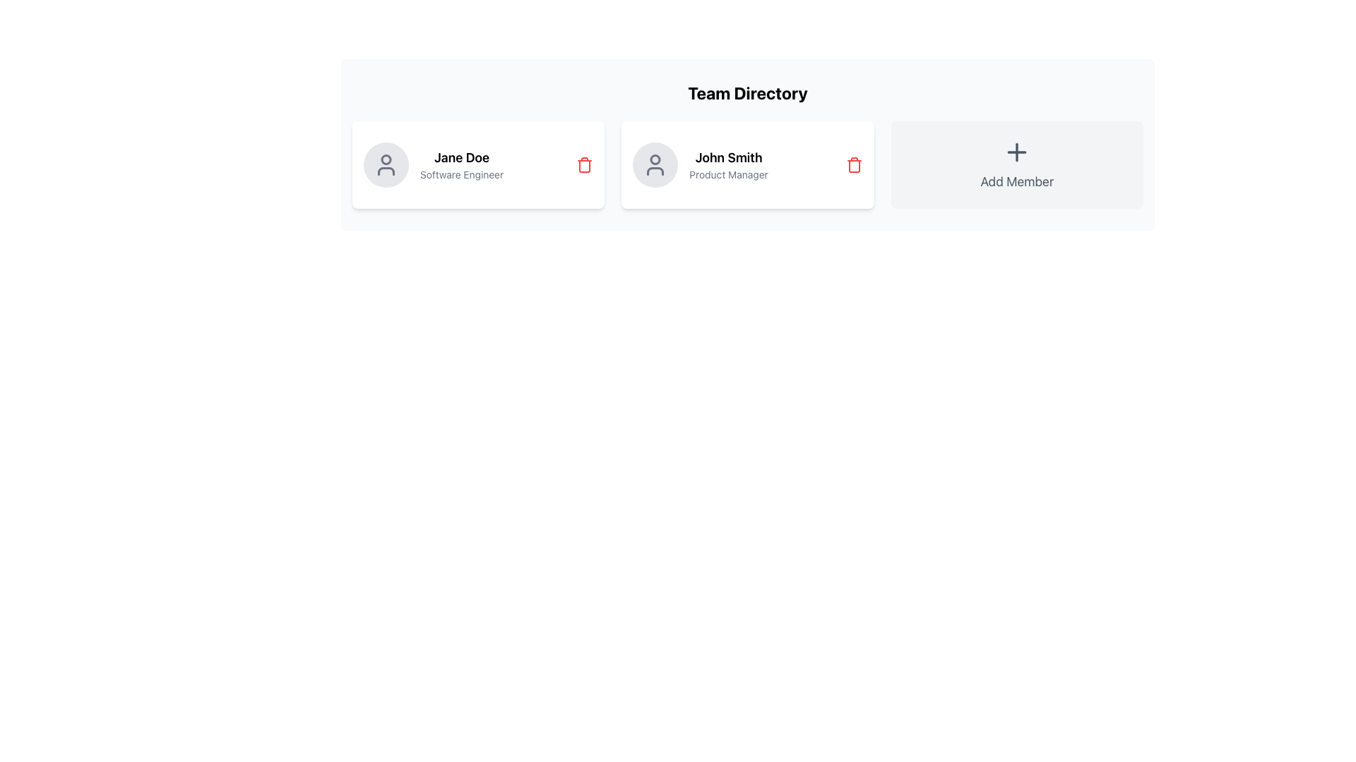 The image size is (1356, 762). I want to click on the red trash icon button located at the top-right corner of Jane Doe's information card, so click(585, 164).